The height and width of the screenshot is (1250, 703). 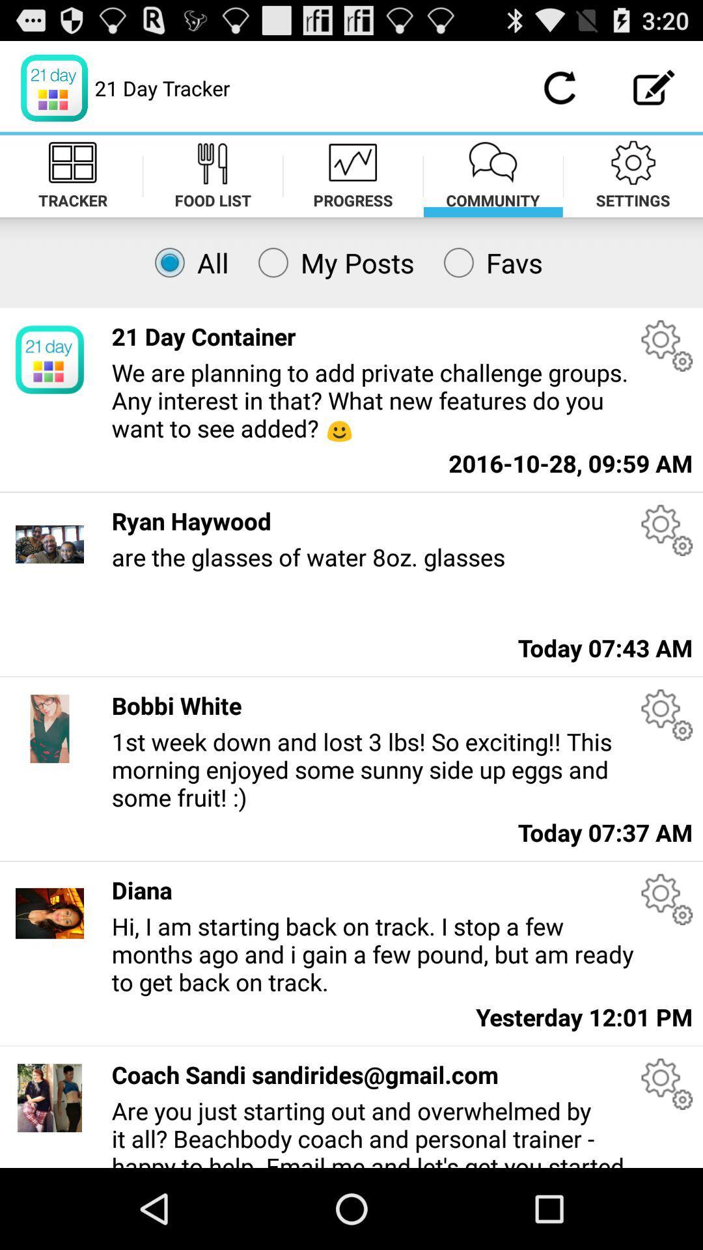 I want to click on settings or more option, so click(x=667, y=898).